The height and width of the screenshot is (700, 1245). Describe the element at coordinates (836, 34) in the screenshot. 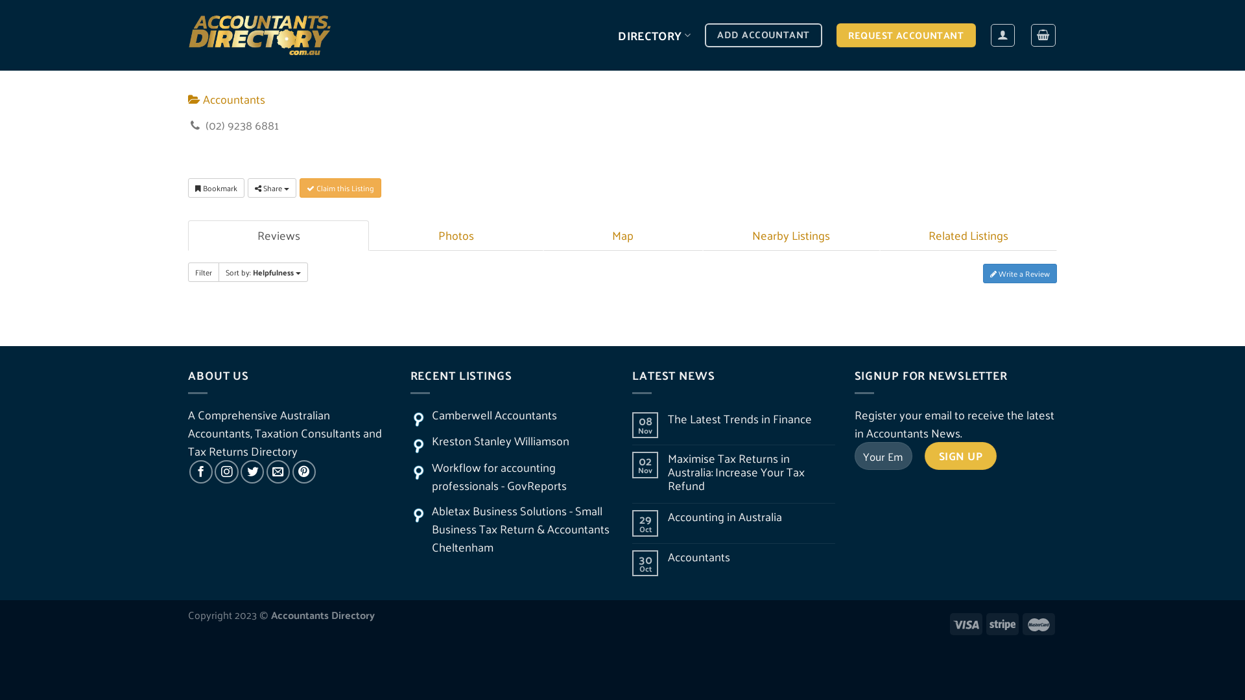

I see `'REQUEST ACCOUNTANT'` at that location.